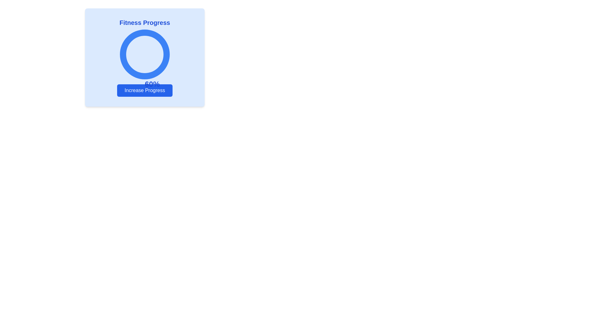 The height and width of the screenshot is (336, 598). What do you see at coordinates (145, 54) in the screenshot?
I see `the inner circle within the 'Fitness Progress' box, which serves as a graphical indicator` at bounding box center [145, 54].